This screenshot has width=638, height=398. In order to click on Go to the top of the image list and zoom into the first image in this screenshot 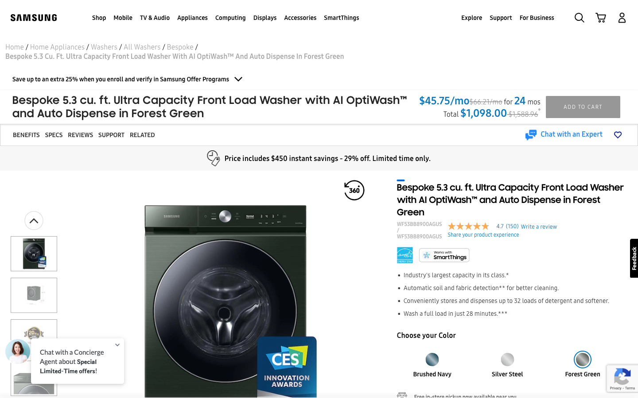, I will do `click(34, 220)`.